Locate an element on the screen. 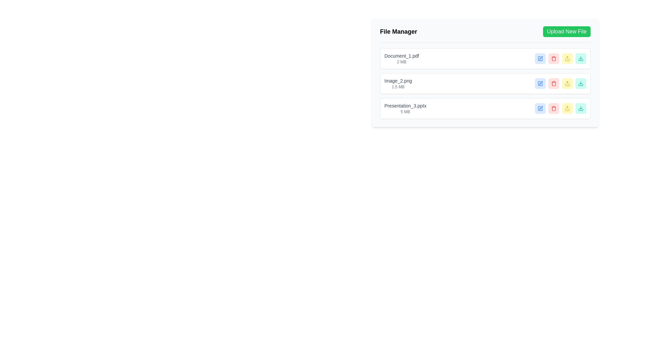  the fourth button in a row of interactive buttons next to a file entry is located at coordinates (567, 83).